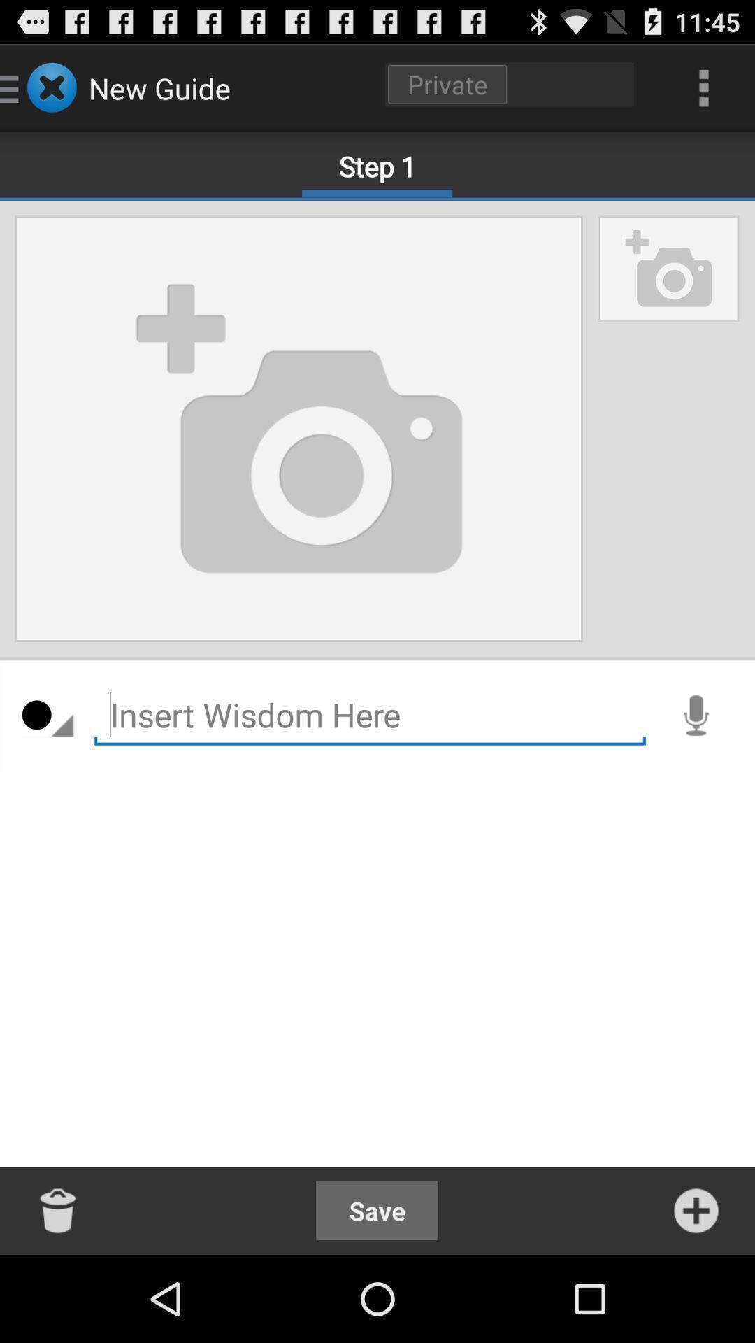  What do you see at coordinates (510, 83) in the screenshot?
I see `the item to the right of the new guide item` at bounding box center [510, 83].